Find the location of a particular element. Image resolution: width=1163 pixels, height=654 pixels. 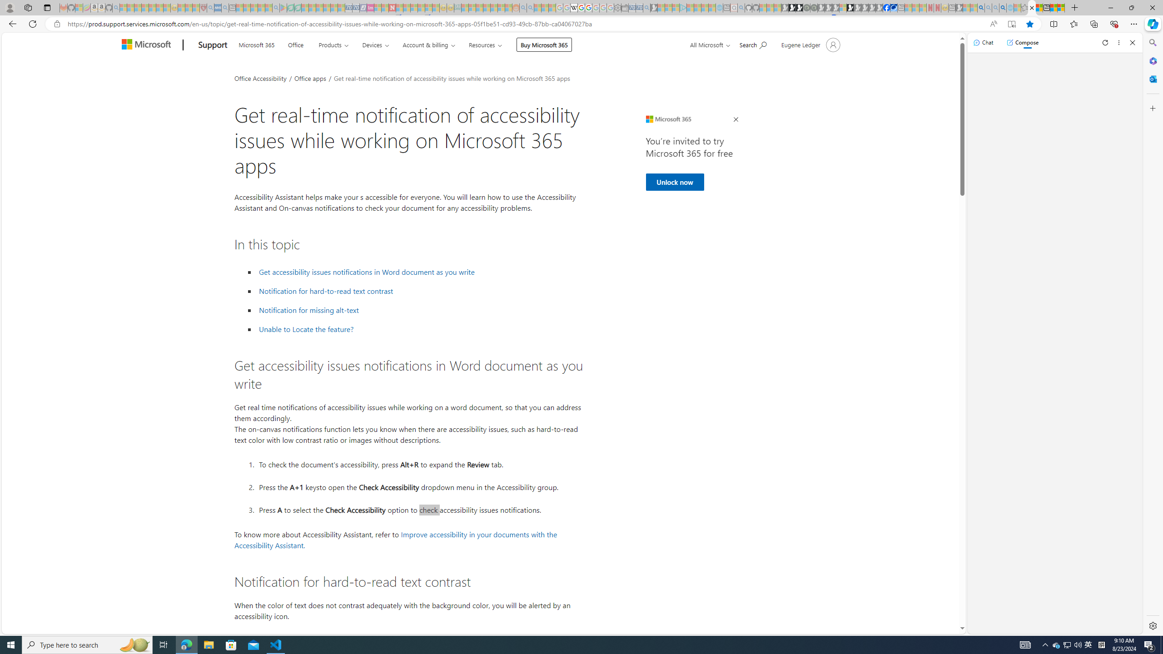

'Compose' is located at coordinates (1022, 42).